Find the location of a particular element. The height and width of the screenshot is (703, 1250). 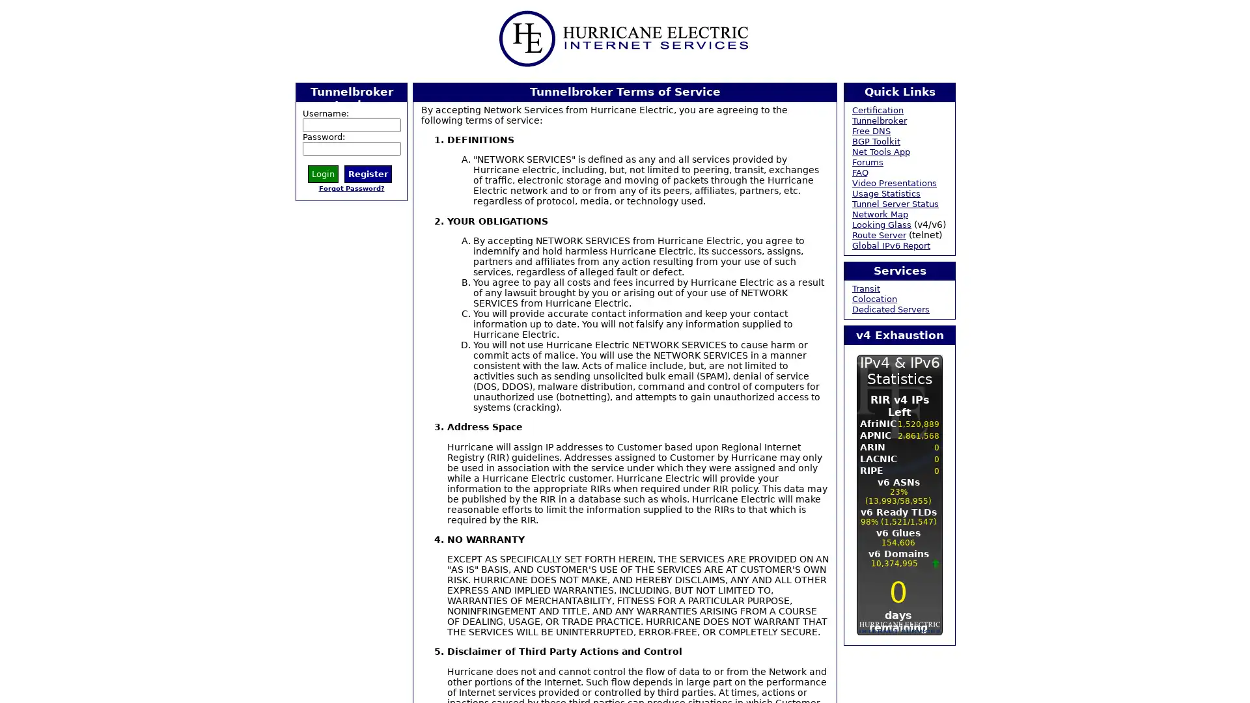

Login is located at coordinates (323, 172).